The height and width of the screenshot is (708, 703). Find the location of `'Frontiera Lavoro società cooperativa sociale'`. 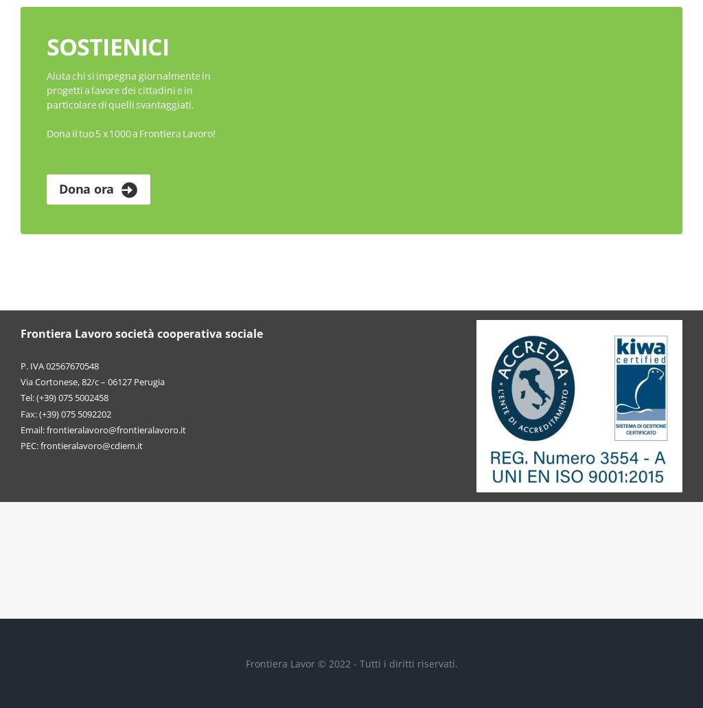

'Frontiera Lavoro società cooperativa sociale' is located at coordinates (21, 334).